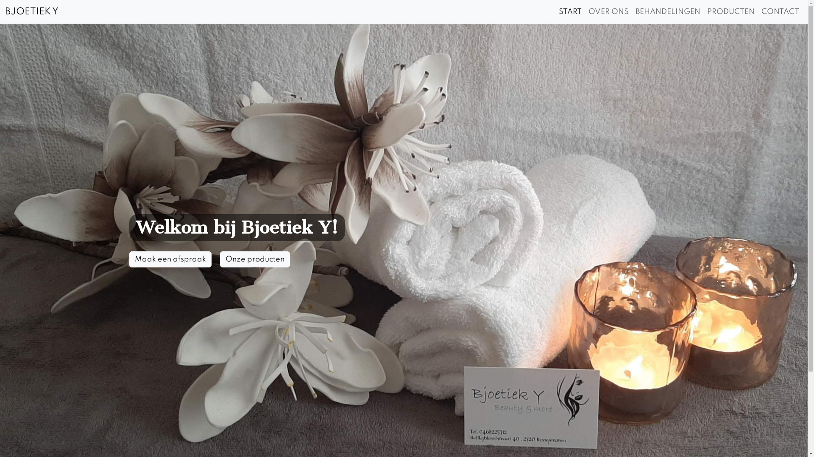  I want to click on 'Maak een afspraak', so click(170, 259).